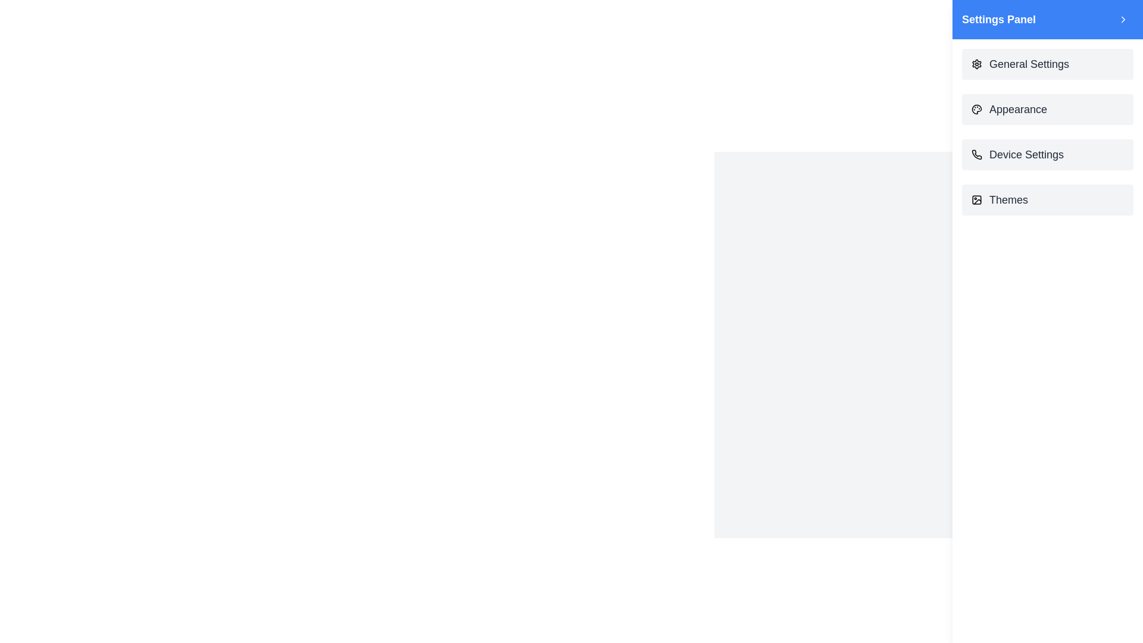 Image resolution: width=1143 pixels, height=643 pixels. Describe the element at coordinates (1048, 199) in the screenshot. I see `the 'Themes' button, a rectangular button with rounded corners and a light gray background` at that location.